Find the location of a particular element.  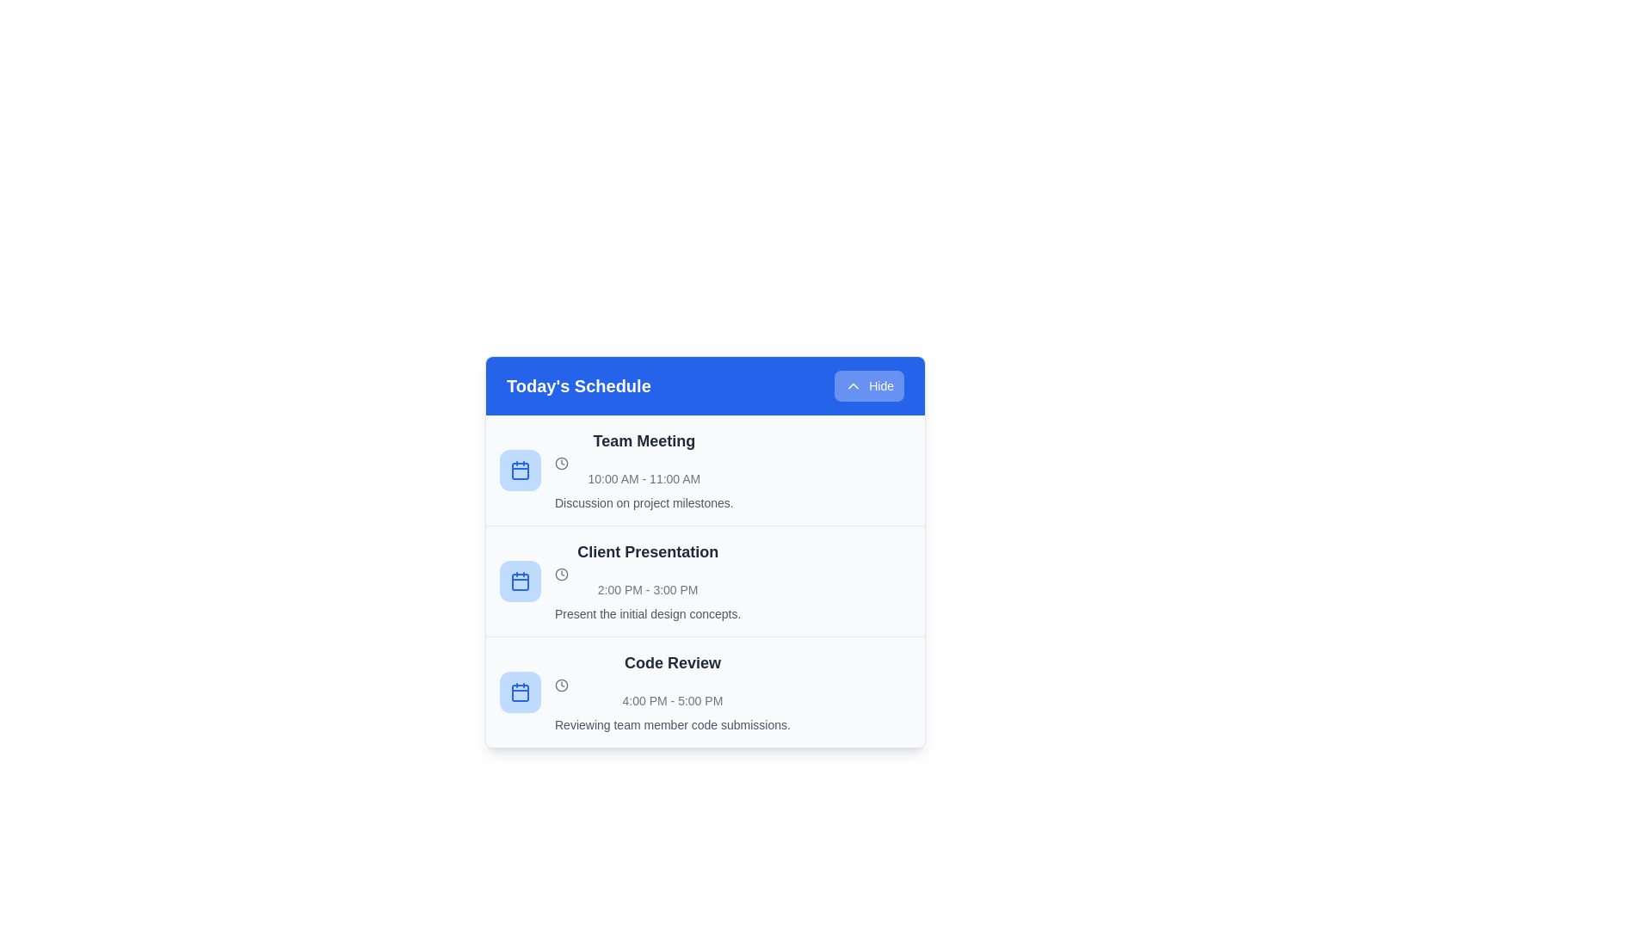

the Text label that serves as the title for the 'Code Review' event in the schedule, which is prominently displayed above a smaller description text is located at coordinates (672, 662).